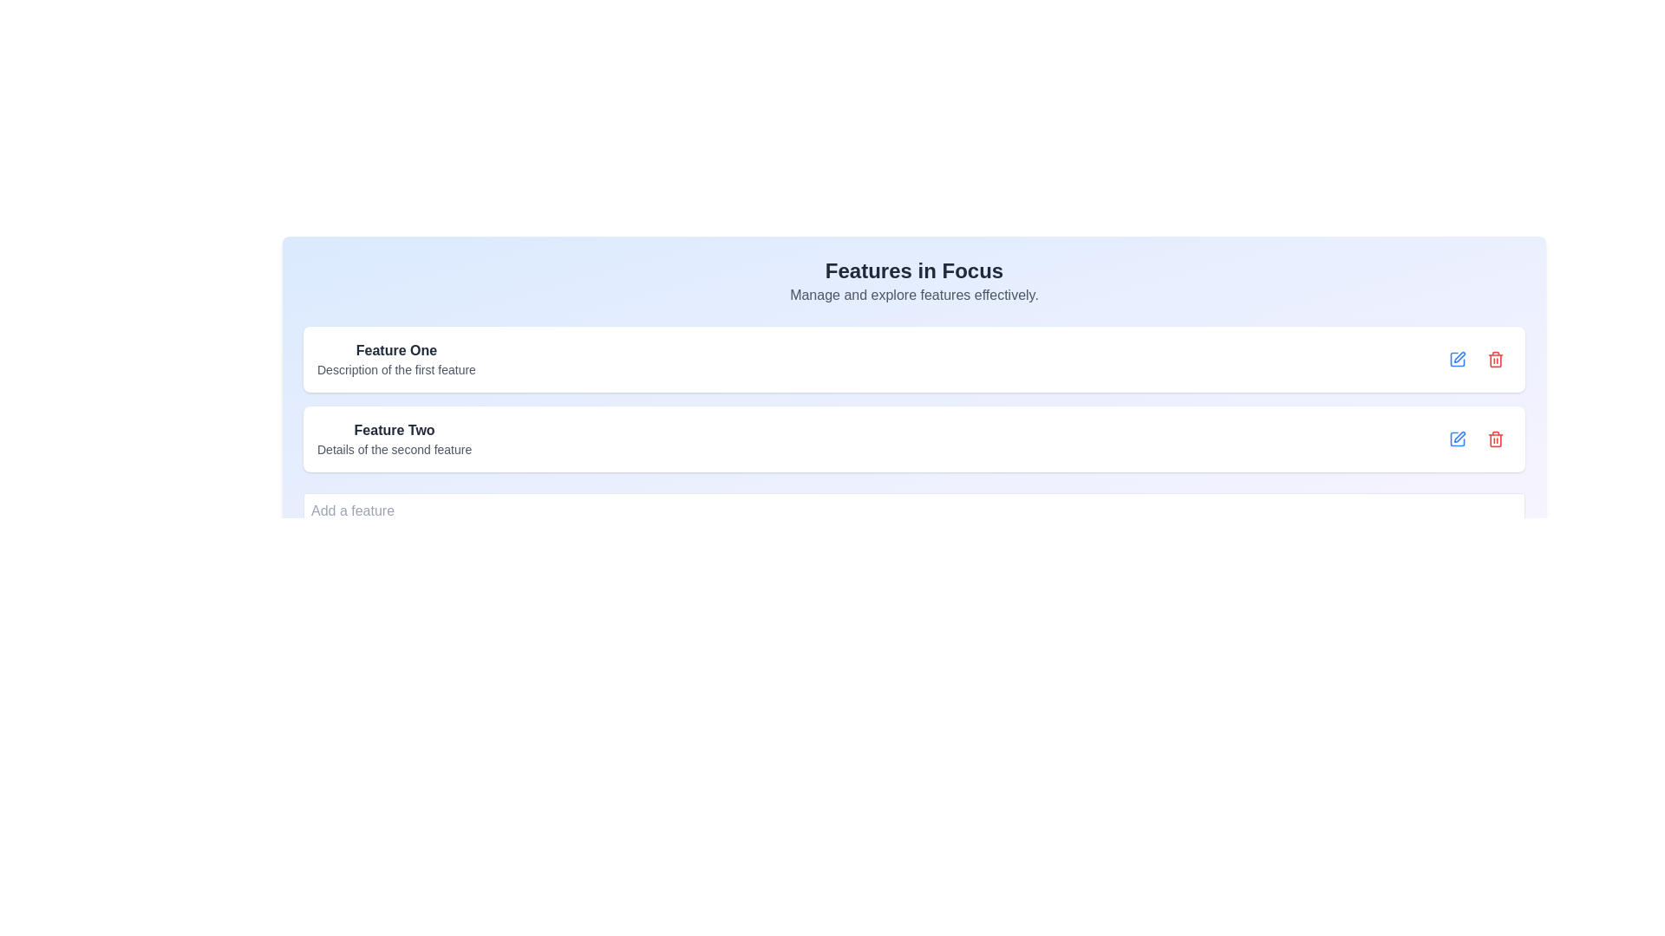  What do you see at coordinates (395, 369) in the screenshot?
I see `the non-interactive text label reading 'Description of the first feature', which is located below the bold title 'Feature One'` at bounding box center [395, 369].